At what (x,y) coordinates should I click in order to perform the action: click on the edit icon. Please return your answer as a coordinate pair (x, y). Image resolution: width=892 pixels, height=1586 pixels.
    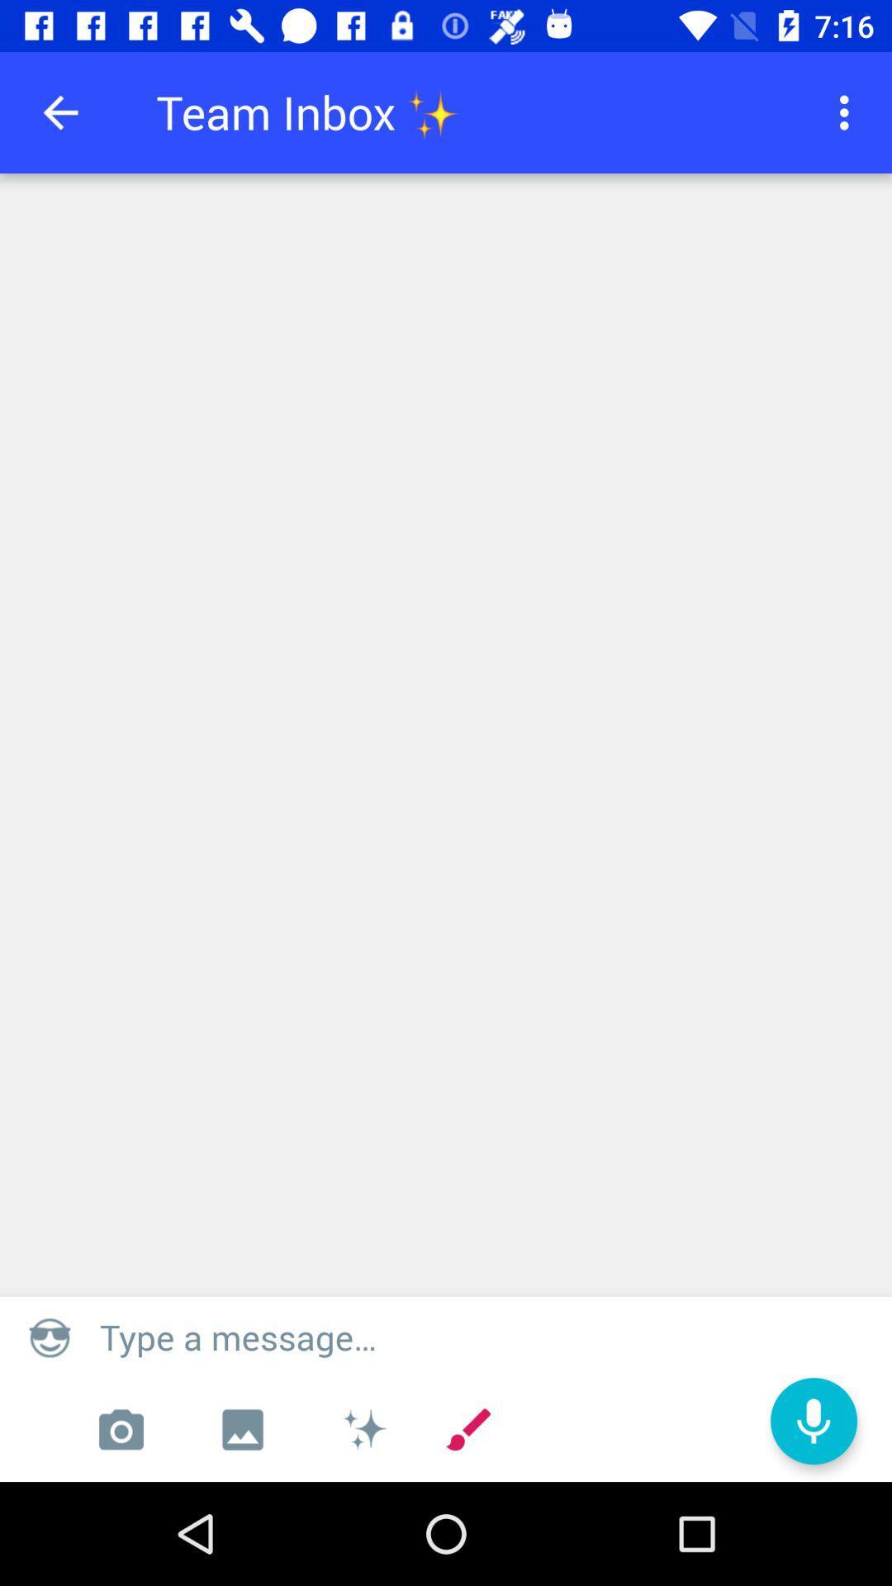
    Looking at the image, I should click on (468, 1429).